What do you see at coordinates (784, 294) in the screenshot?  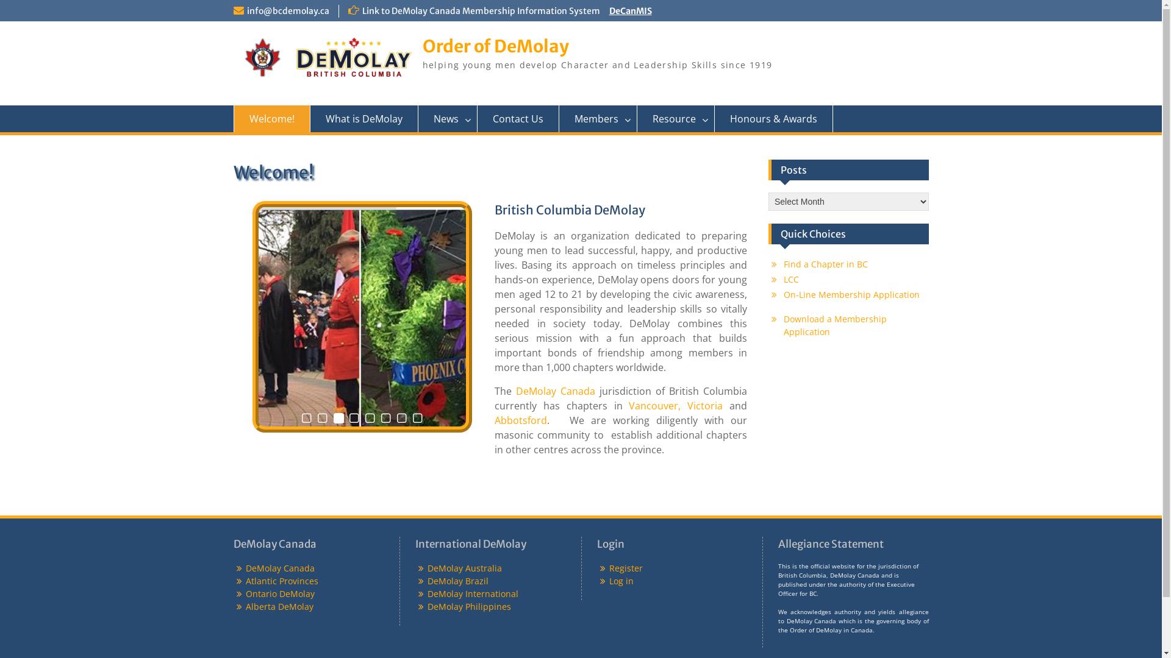 I see `'On-Line Membership Application'` at bounding box center [784, 294].